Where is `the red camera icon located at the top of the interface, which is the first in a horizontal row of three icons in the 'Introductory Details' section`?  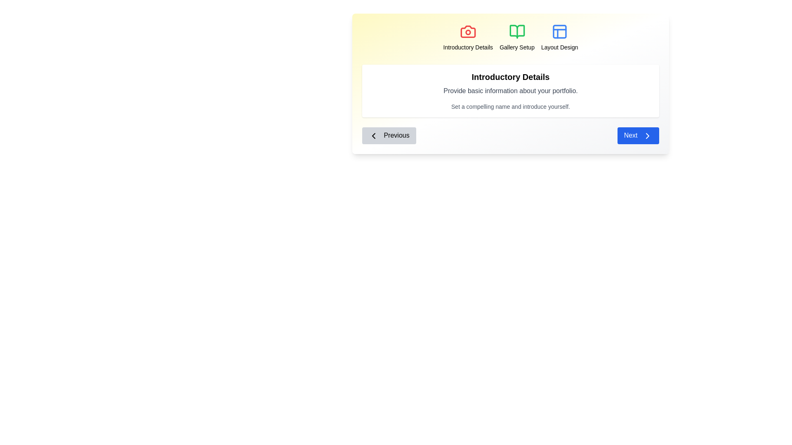 the red camera icon located at the top of the interface, which is the first in a horizontal row of three icons in the 'Introductory Details' section is located at coordinates (468, 31).